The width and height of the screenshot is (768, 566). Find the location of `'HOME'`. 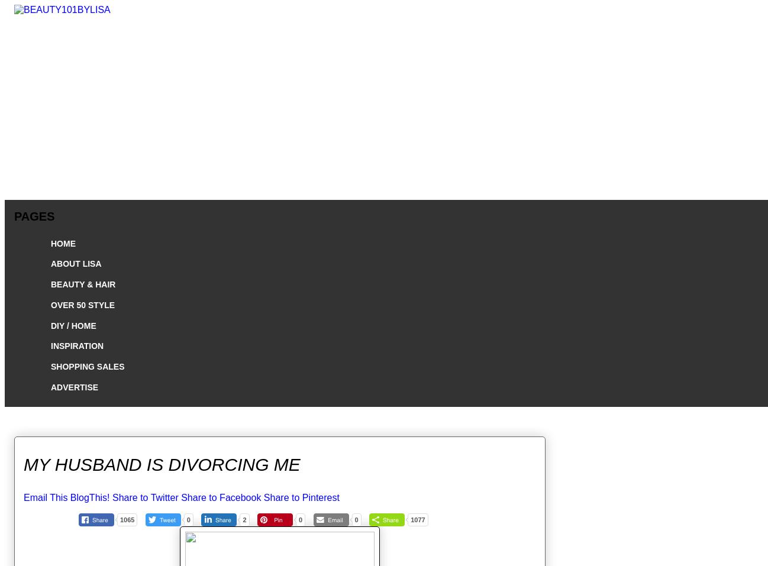

'HOME' is located at coordinates (63, 242).